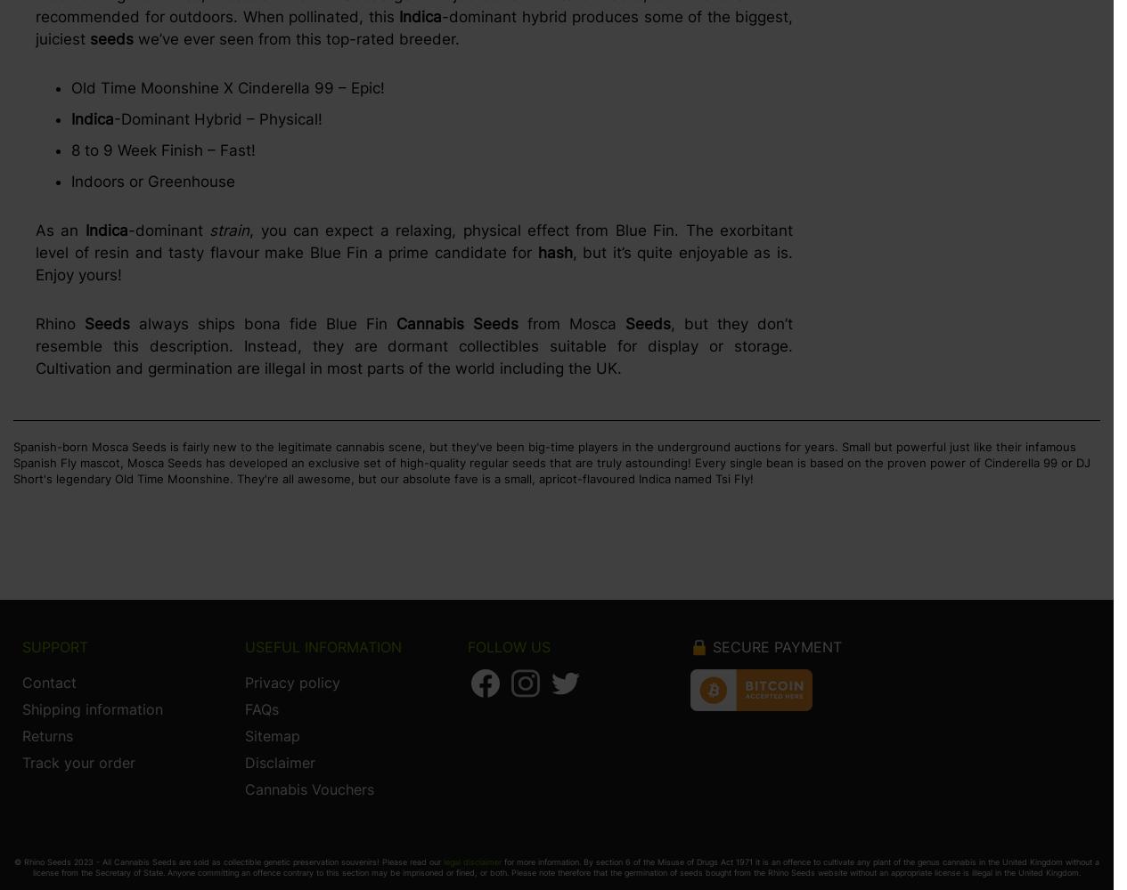 This screenshot has width=1127, height=890. I want to click on 'Privacy policy', so click(291, 683).